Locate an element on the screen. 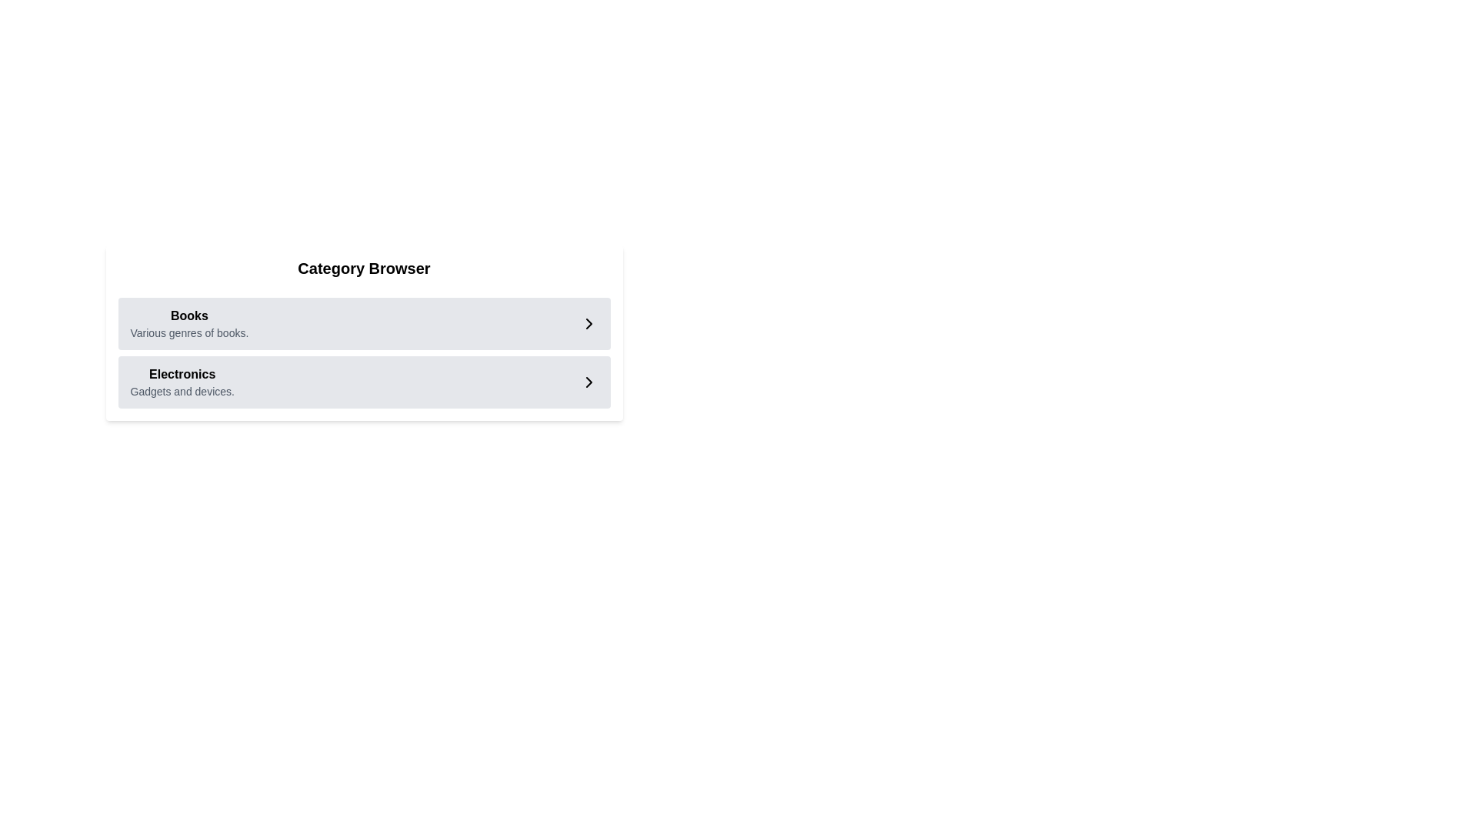  the right-pointing triangular arrow of the navigation icon located immediately to the right of the 'Books' label is located at coordinates (588, 322).